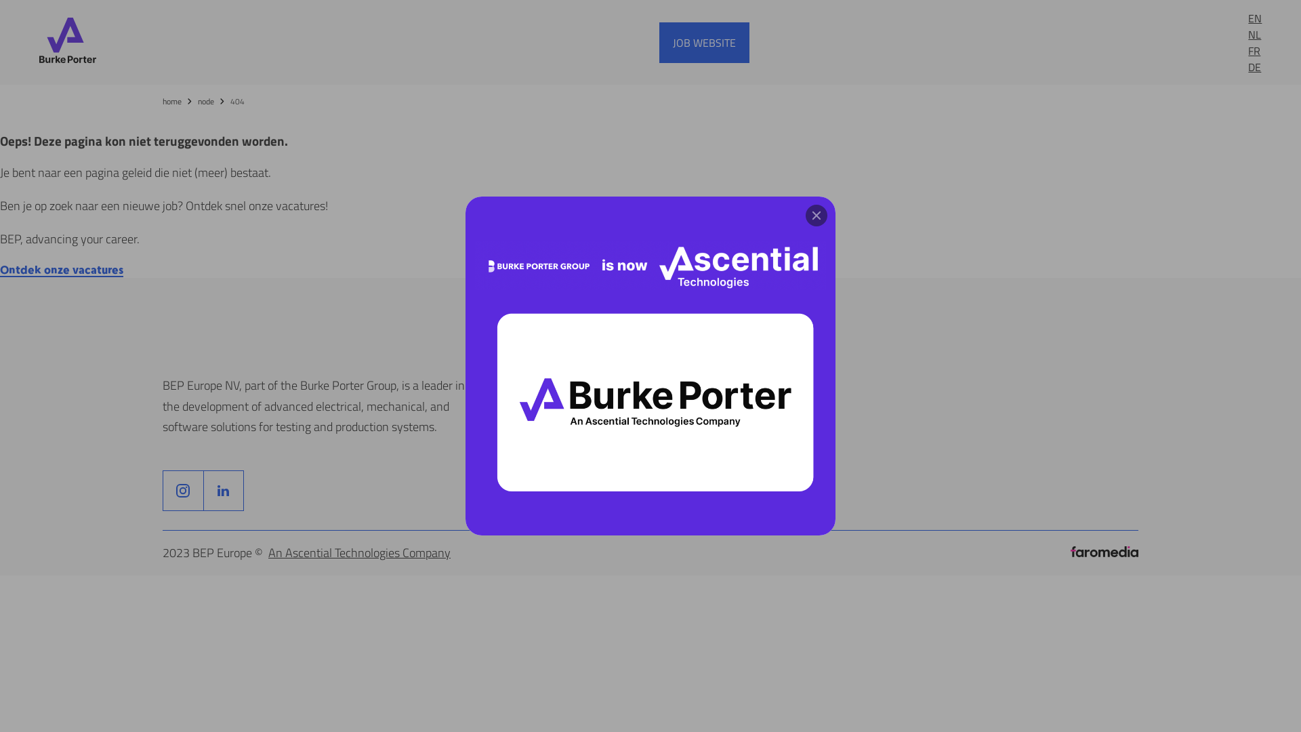 The height and width of the screenshot is (732, 1301). Describe the element at coordinates (740, 405) in the screenshot. I see `'cookie notice'` at that location.